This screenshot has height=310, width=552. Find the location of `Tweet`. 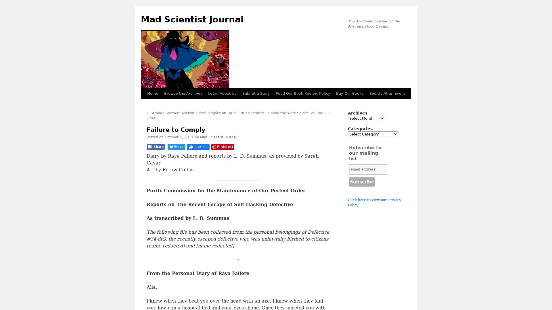

Tweet is located at coordinates (176, 147).